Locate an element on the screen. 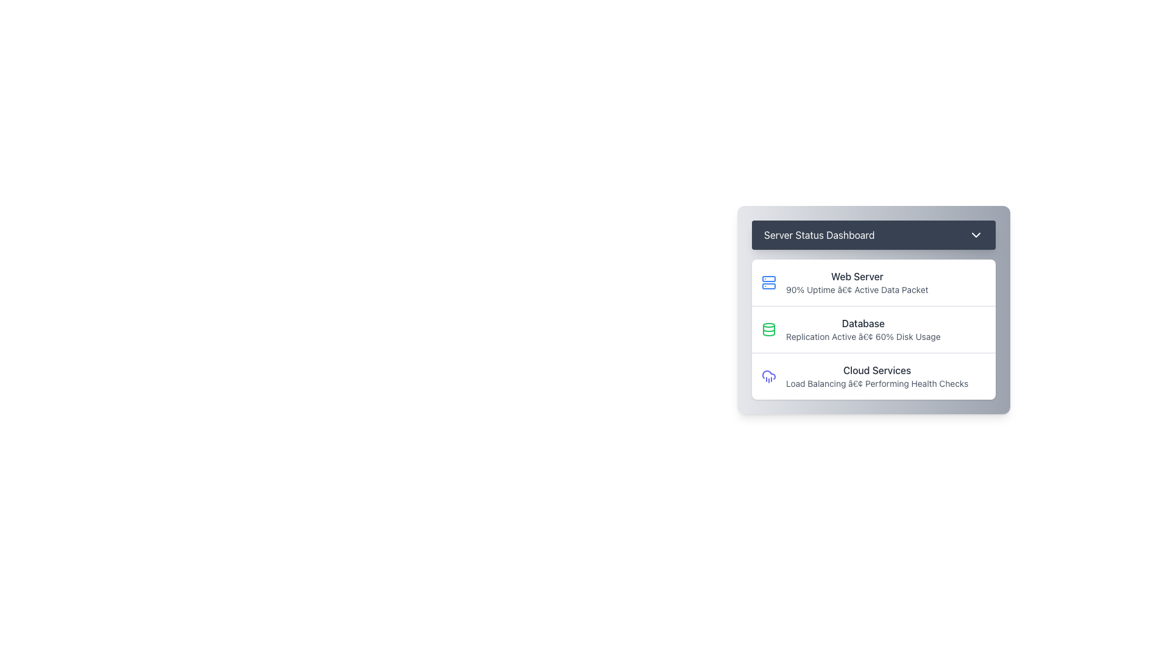 The height and width of the screenshot is (658, 1170). information displayed in the 'Web Server' text block which includes 'Web Server' and '90% Uptime • Active Data Packet' is located at coordinates (856, 282).